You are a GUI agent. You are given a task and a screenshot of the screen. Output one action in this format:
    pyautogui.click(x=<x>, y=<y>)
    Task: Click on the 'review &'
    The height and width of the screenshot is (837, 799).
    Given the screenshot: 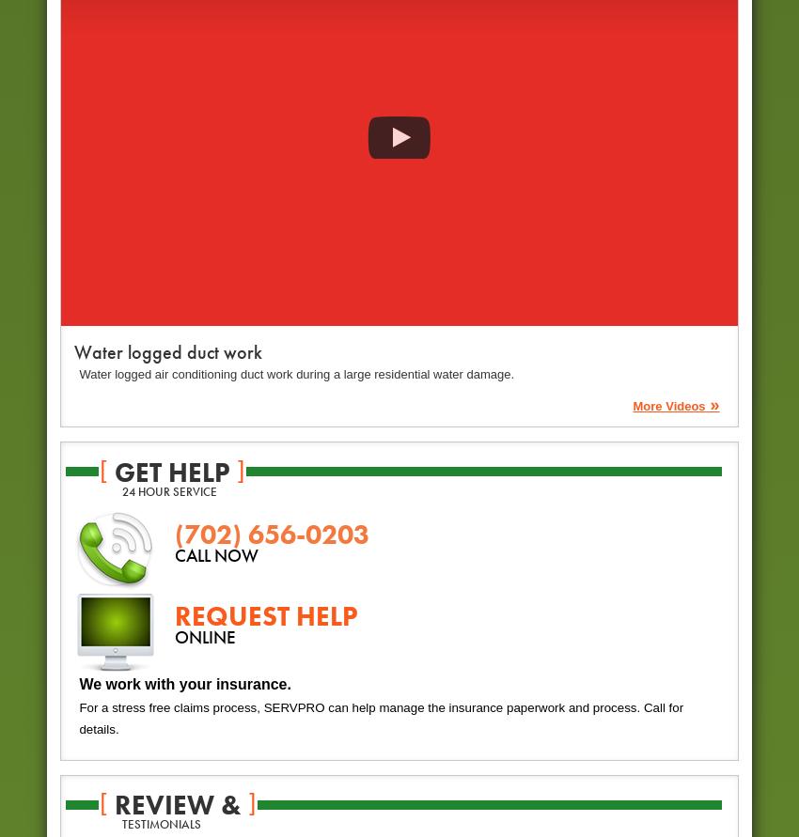 What is the action you would take?
    pyautogui.click(x=176, y=803)
    